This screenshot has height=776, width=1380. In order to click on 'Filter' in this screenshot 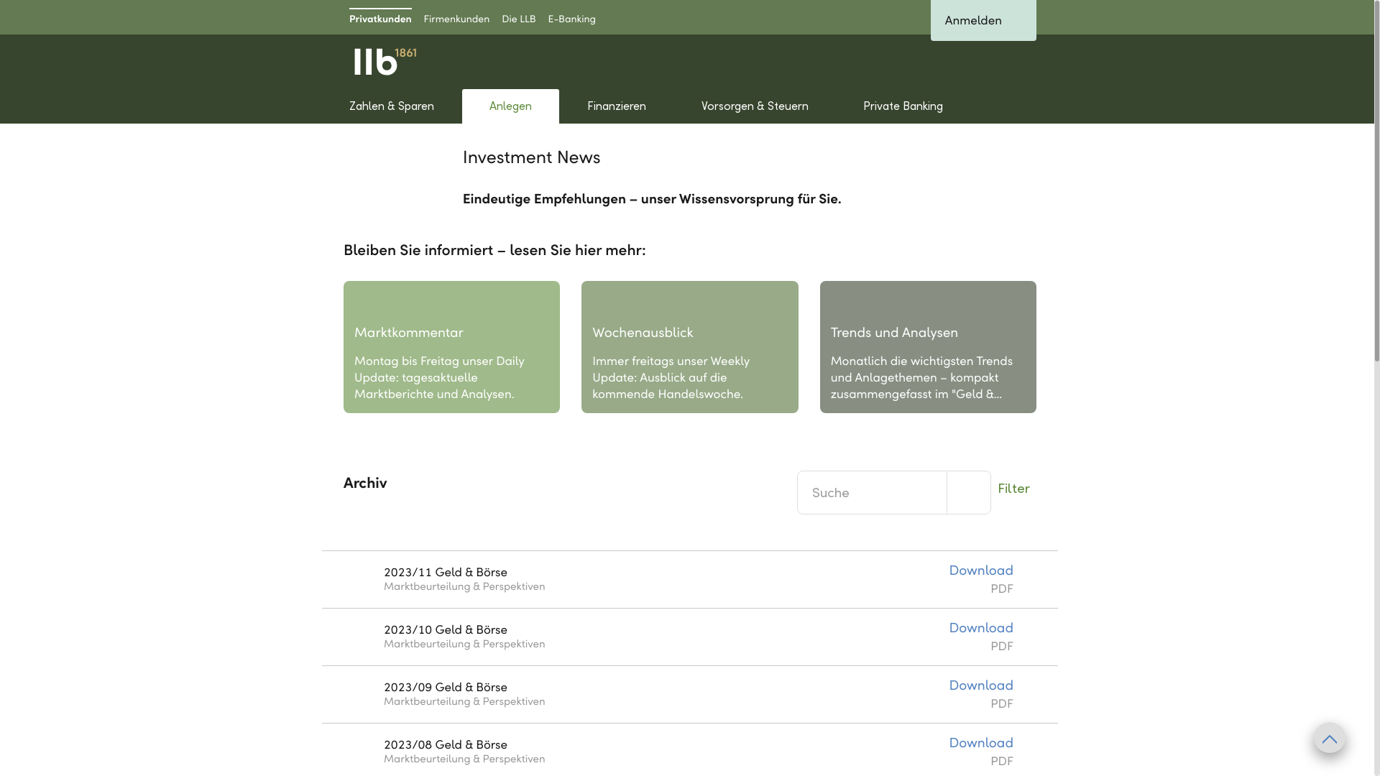, I will do `click(1013, 486)`.